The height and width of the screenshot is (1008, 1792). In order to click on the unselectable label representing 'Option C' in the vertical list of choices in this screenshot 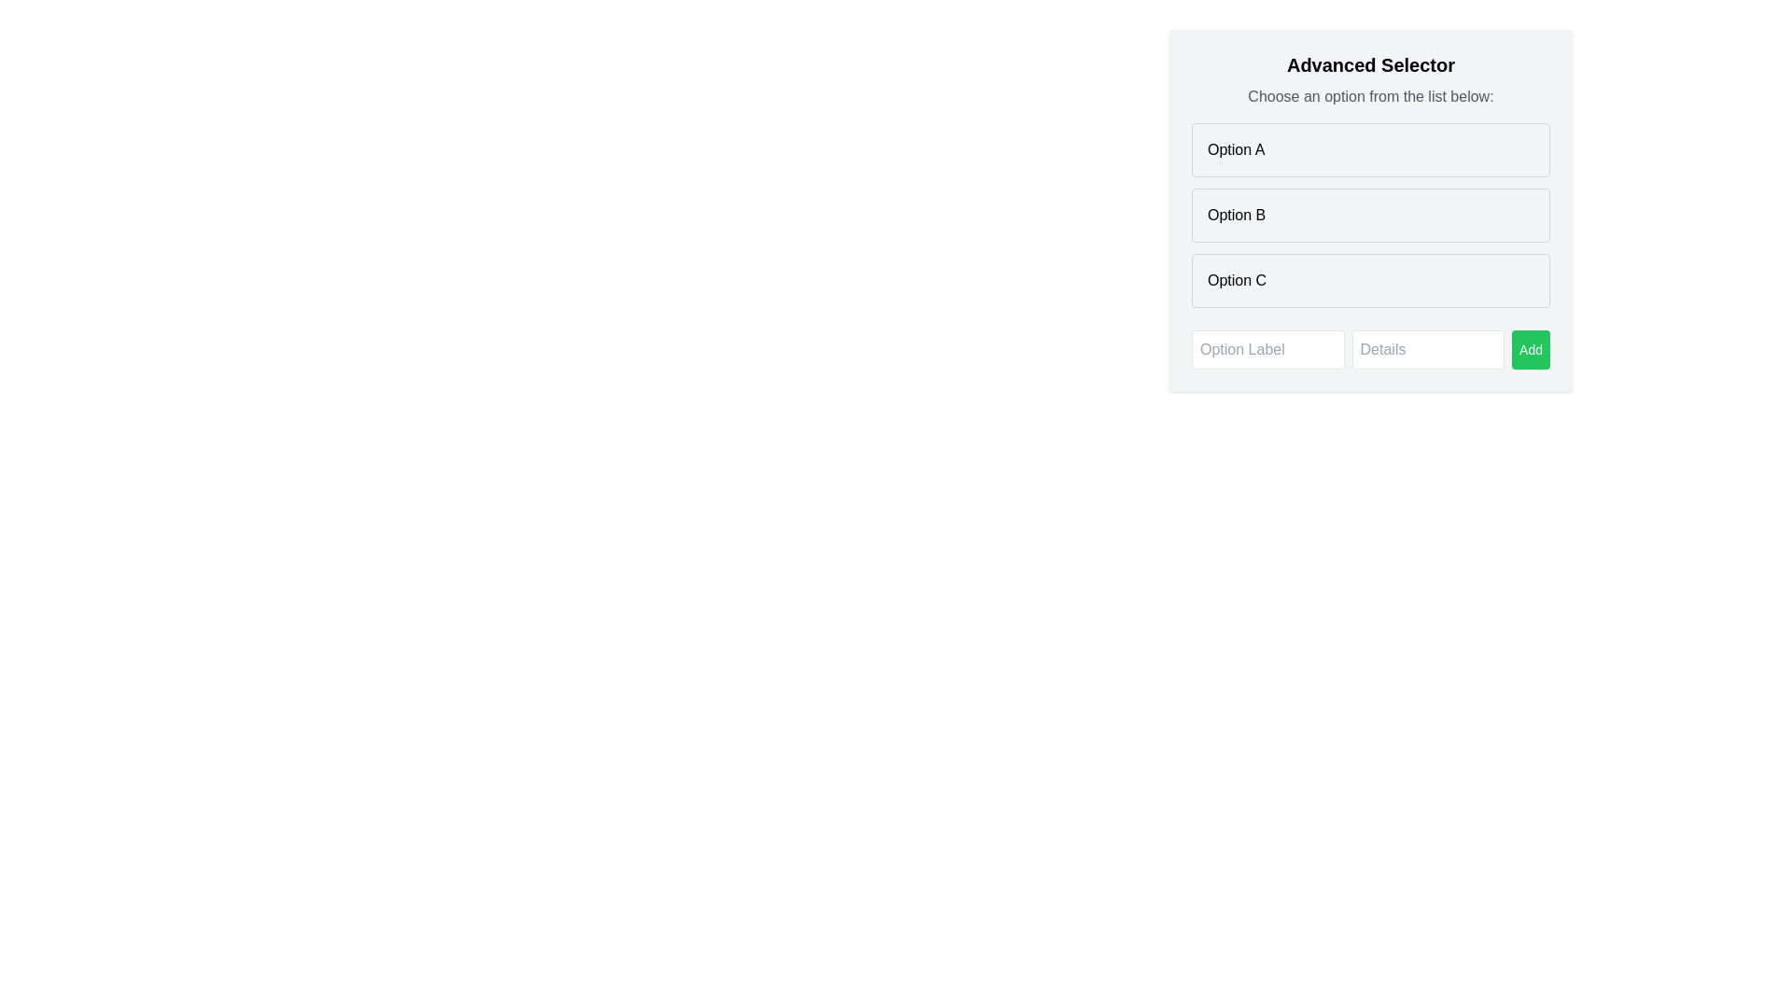, I will do `click(1237, 280)`.